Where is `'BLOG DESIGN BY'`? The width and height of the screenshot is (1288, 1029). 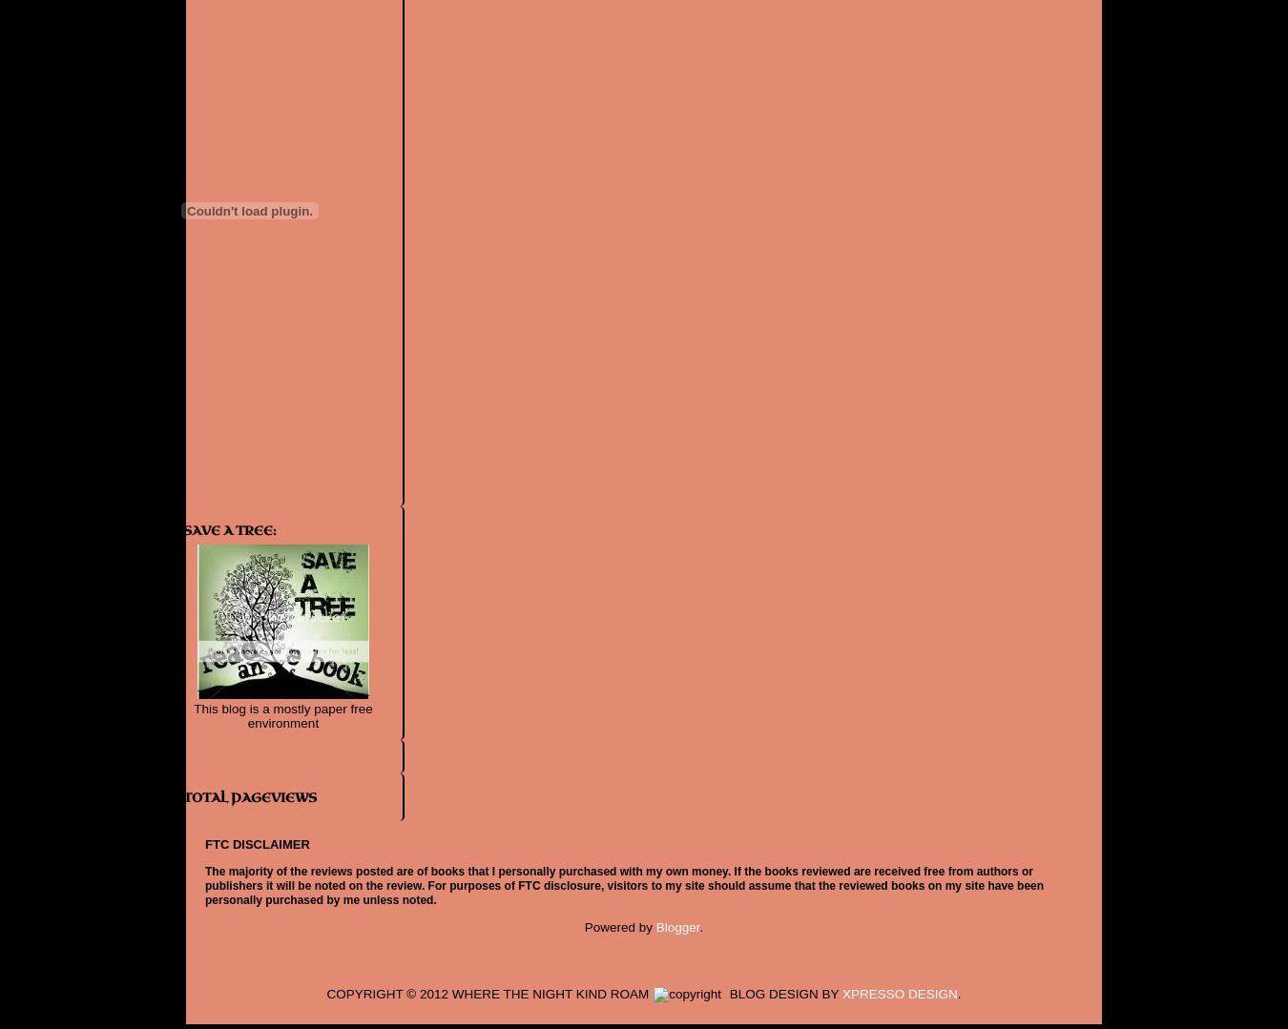 'BLOG DESIGN BY' is located at coordinates (783, 992).